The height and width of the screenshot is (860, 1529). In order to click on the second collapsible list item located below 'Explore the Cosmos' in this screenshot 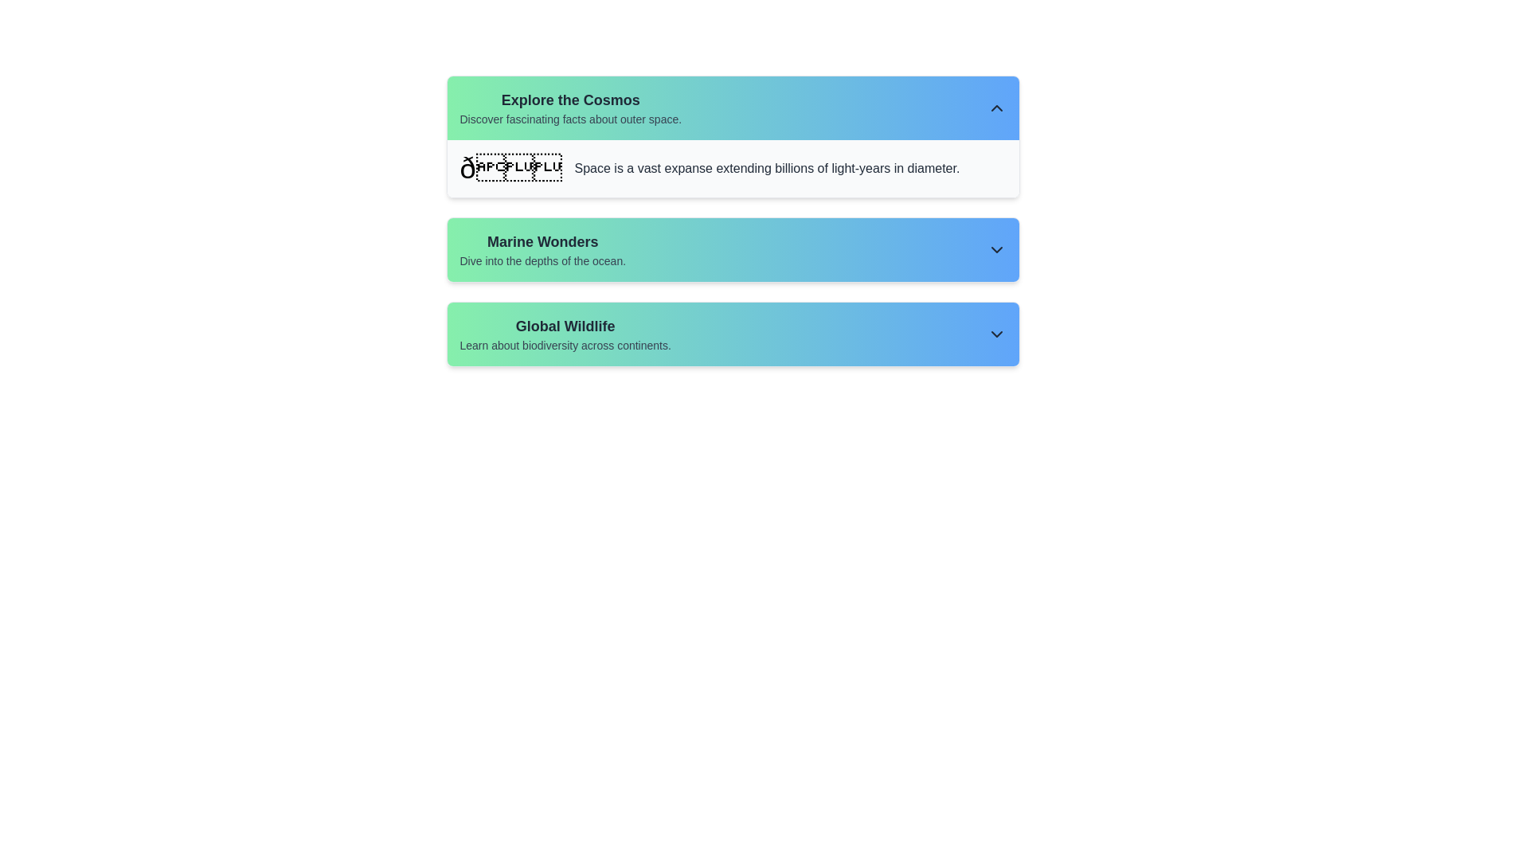, I will do `click(732, 249)`.